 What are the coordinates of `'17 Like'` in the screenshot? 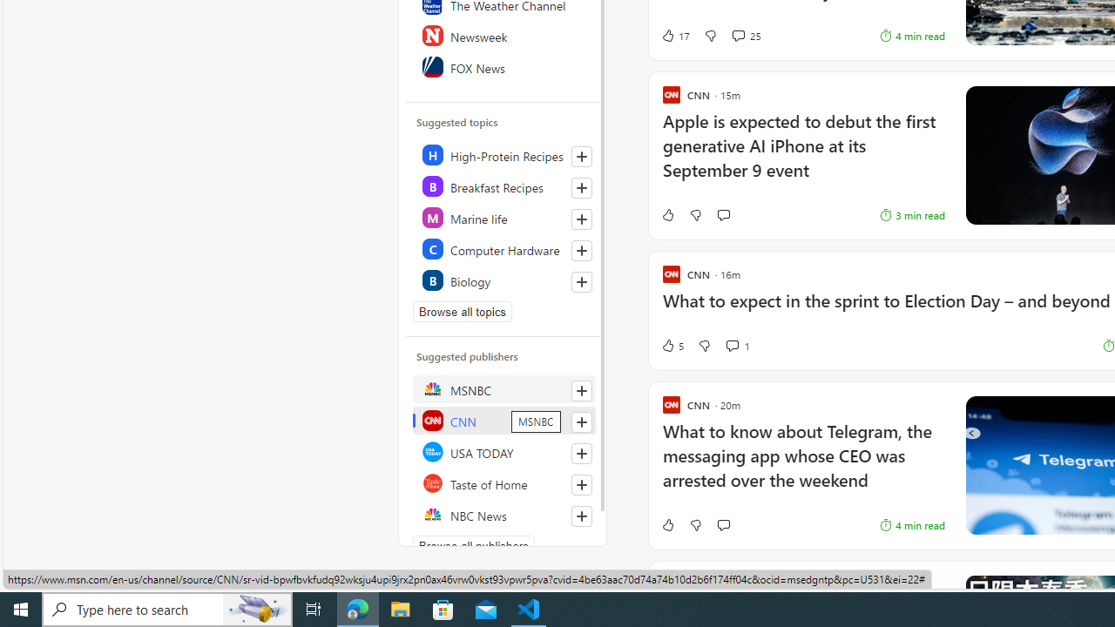 It's located at (674, 36).